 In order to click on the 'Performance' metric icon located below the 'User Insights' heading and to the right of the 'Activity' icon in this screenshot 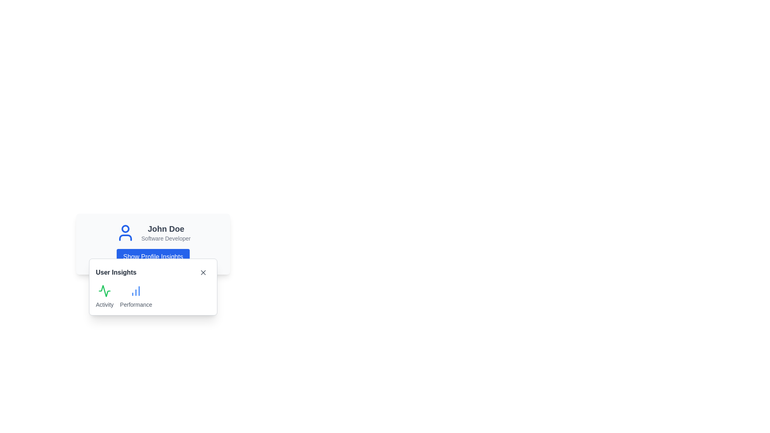, I will do `click(136, 291)`.